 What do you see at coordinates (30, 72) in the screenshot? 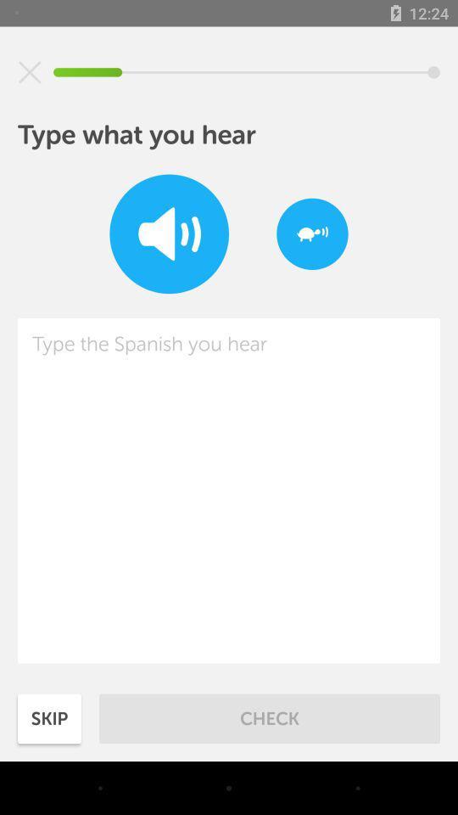
I see `window` at bounding box center [30, 72].